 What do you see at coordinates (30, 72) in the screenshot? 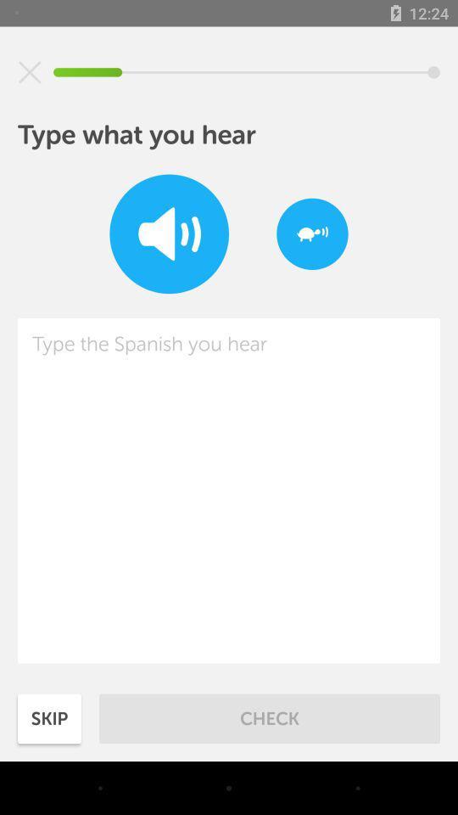
I see `window` at bounding box center [30, 72].